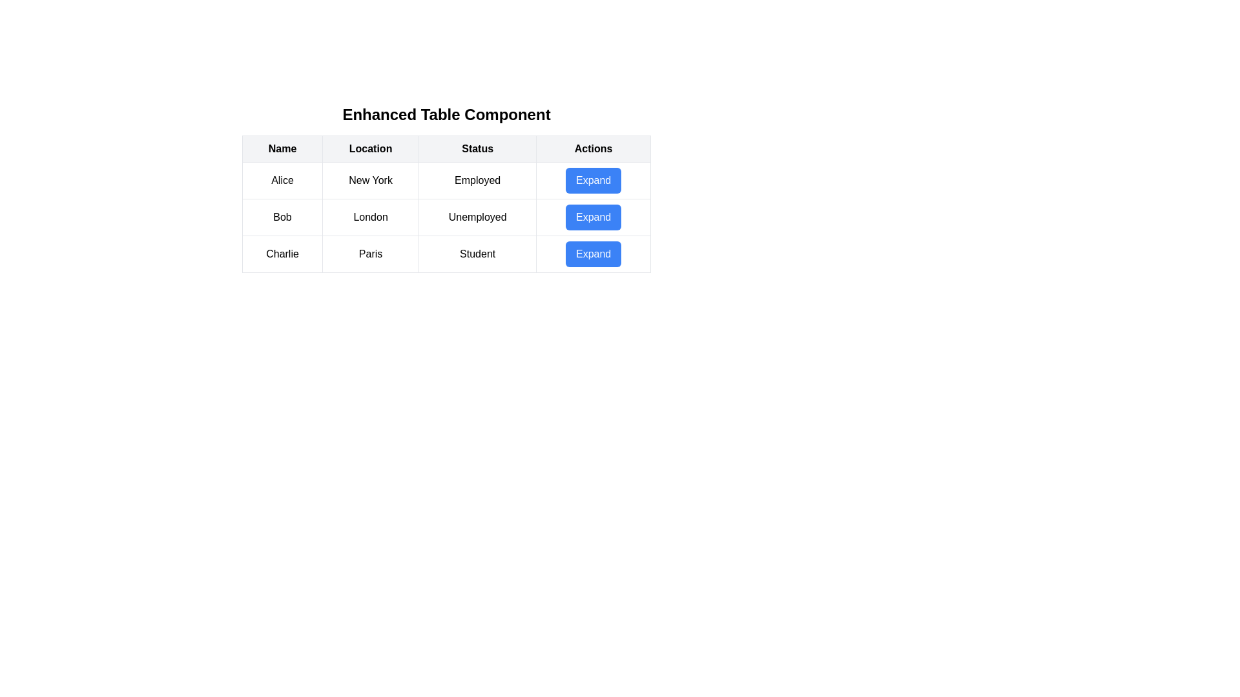 The height and width of the screenshot is (697, 1240). I want to click on the static text display element that shows the name 'Bob' in the second row of the table under the 'Name' column, so click(282, 216).